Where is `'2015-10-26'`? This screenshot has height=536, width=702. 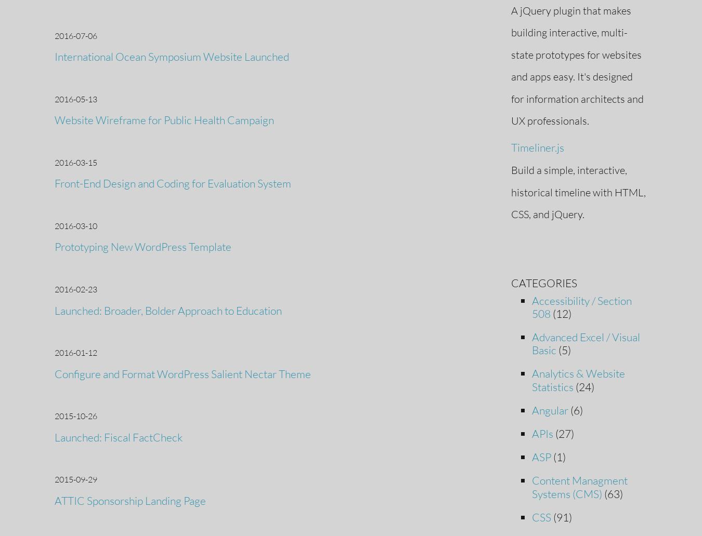
'2015-10-26' is located at coordinates (54, 416).